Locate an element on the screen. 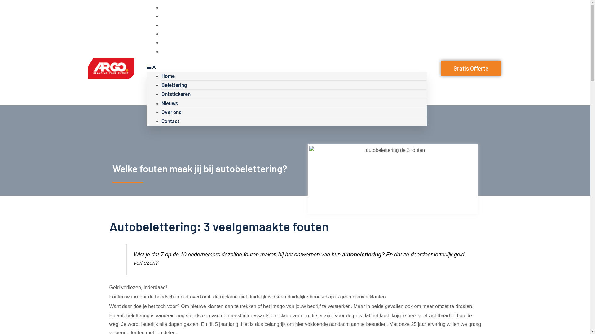 This screenshot has height=334, width=595. 'Belettering' is located at coordinates (174, 15).